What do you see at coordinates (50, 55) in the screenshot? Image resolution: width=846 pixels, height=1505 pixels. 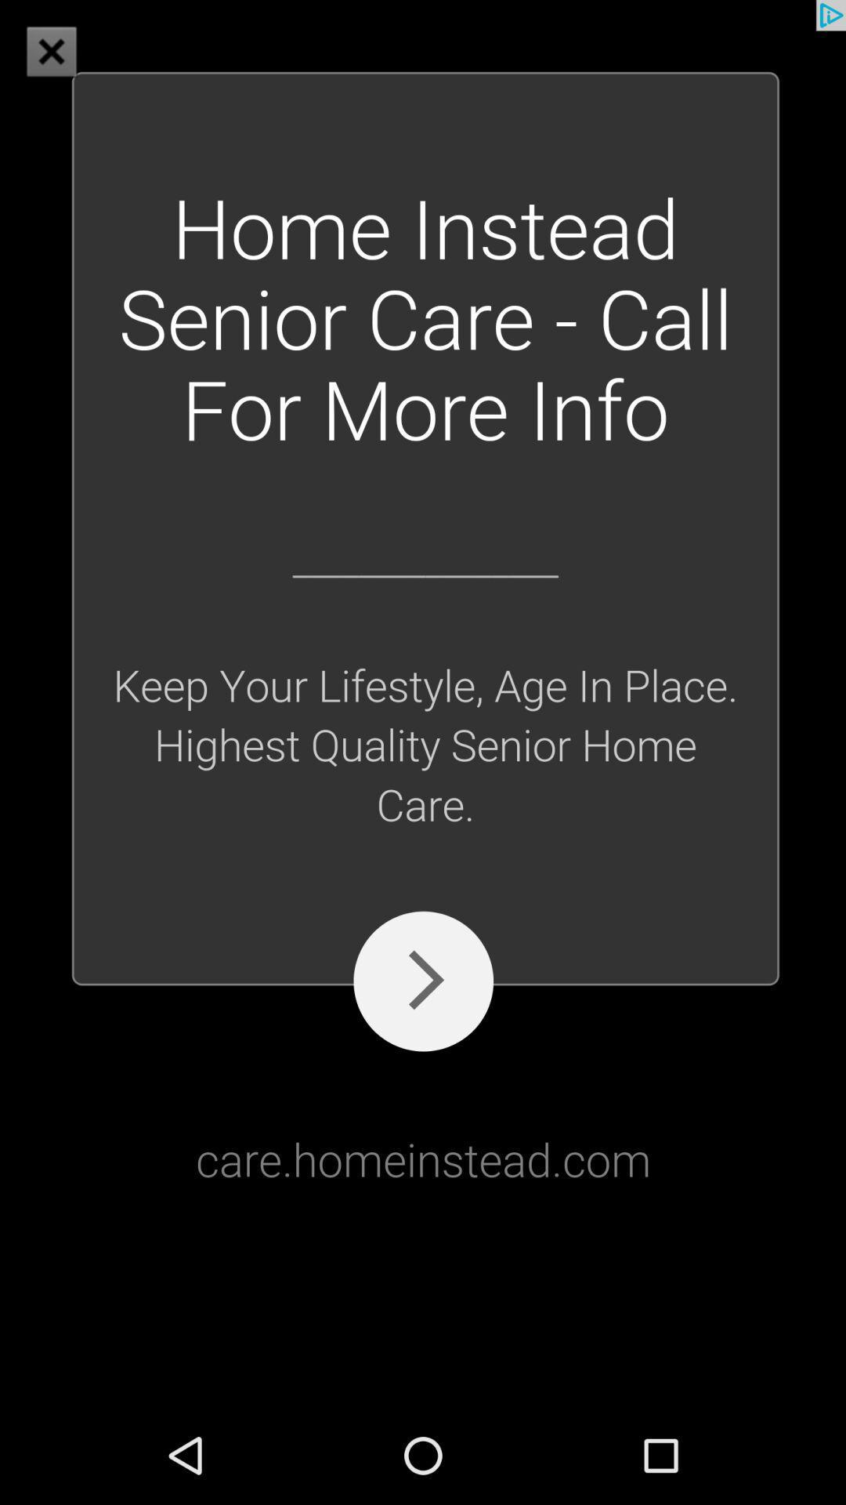 I see `the close icon` at bounding box center [50, 55].